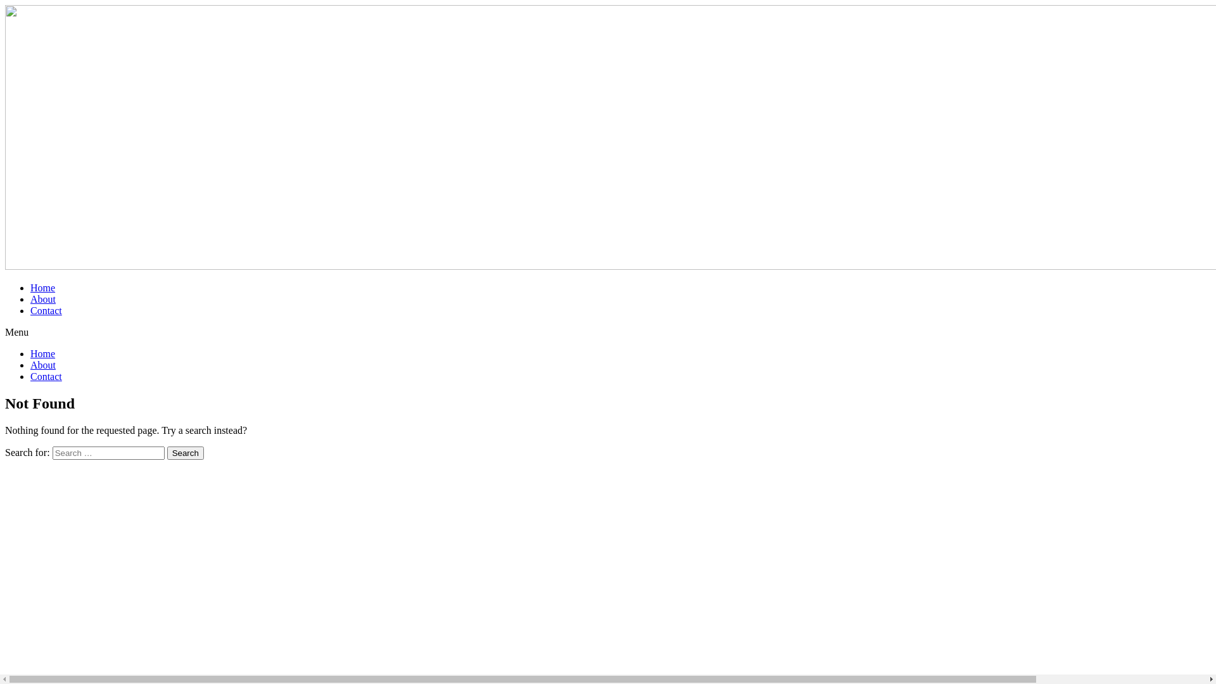 The image size is (1216, 684). What do you see at coordinates (30, 299) in the screenshot?
I see `'About'` at bounding box center [30, 299].